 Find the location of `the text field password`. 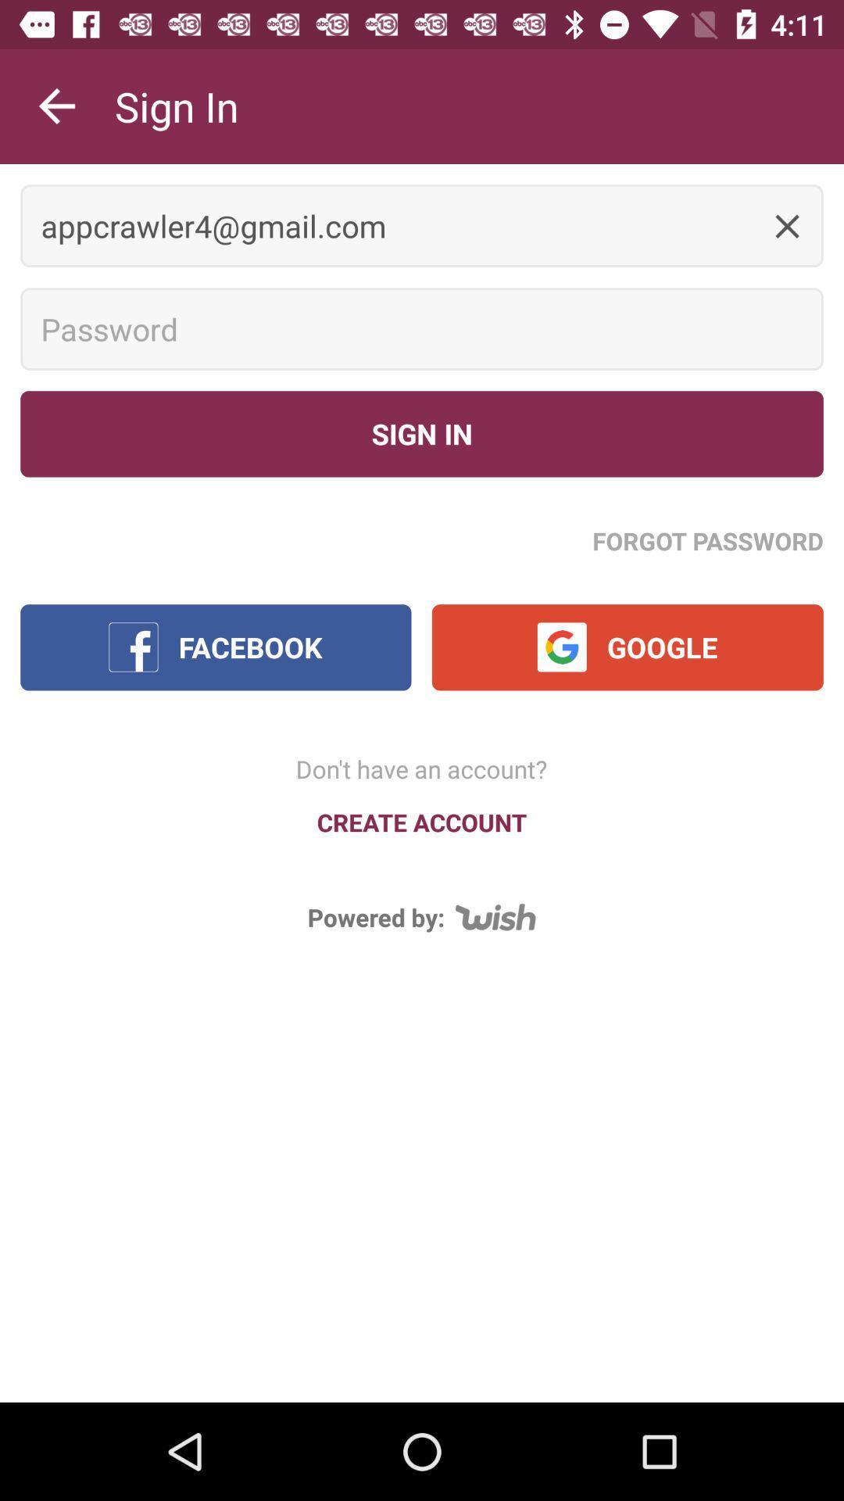

the text field password is located at coordinates (422, 328).